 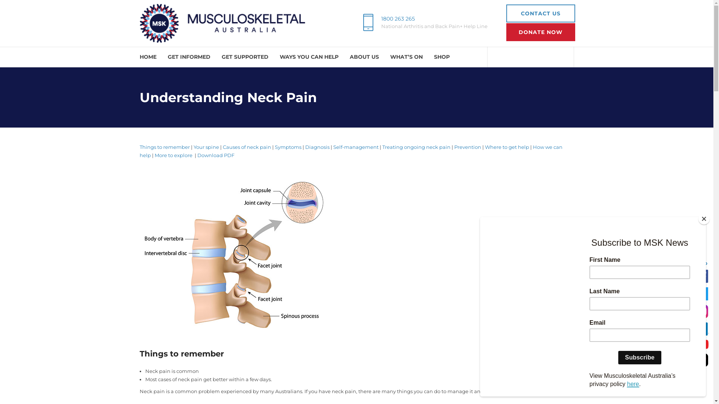 I want to click on 'ABOUT US', so click(x=364, y=56).